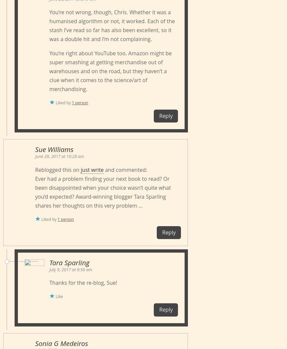  I want to click on 'Like', so click(59, 296).